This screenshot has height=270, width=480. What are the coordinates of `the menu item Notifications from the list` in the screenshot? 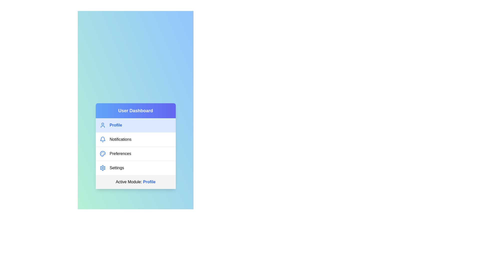 It's located at (135, 139).